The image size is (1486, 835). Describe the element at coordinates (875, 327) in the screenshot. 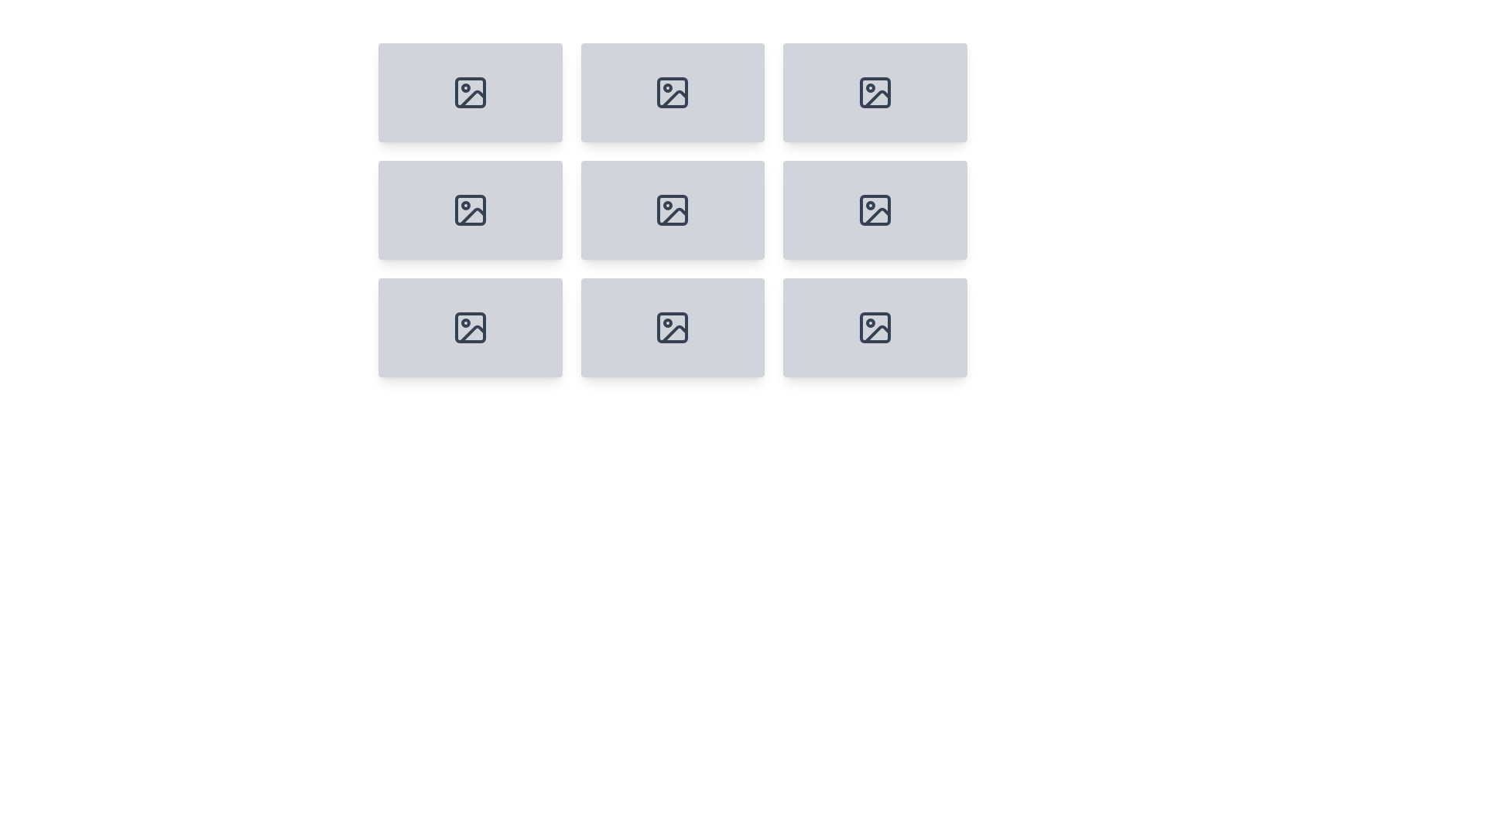

I see `the bottom-right card in the 3x3 grid layout` at that location.